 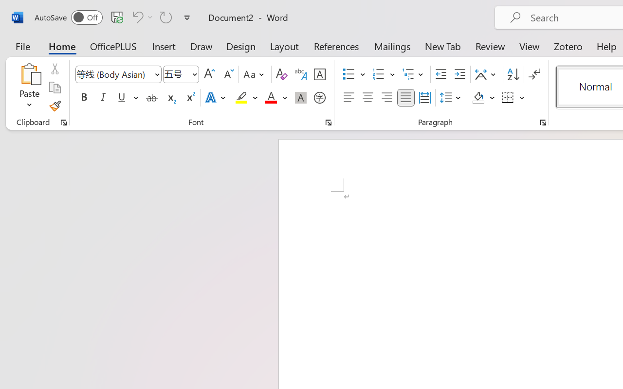 I want to click on 'Distributed', so click(x=424, y=98).